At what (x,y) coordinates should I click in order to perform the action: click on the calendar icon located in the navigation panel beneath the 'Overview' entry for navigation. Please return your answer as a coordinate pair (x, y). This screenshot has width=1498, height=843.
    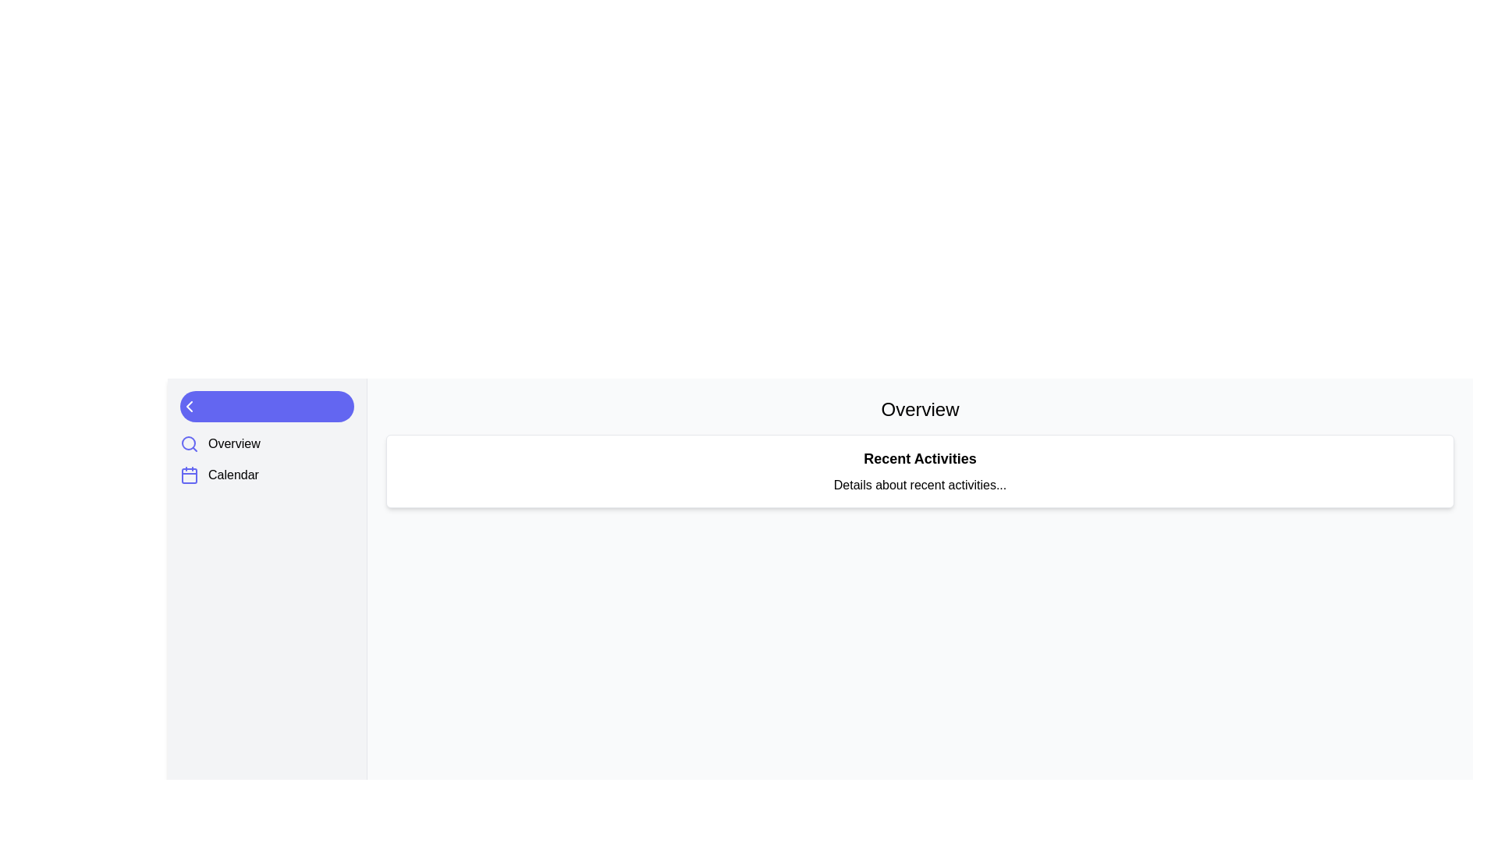
    Looking at the image, I should click on (189, 475).